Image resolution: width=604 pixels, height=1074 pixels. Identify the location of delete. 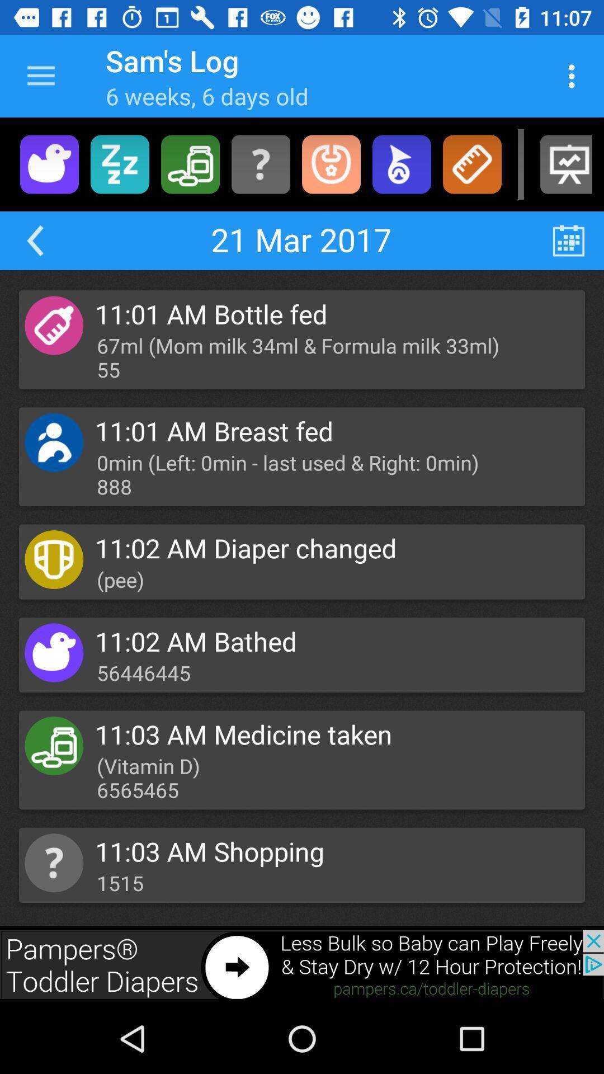
(190, 163).